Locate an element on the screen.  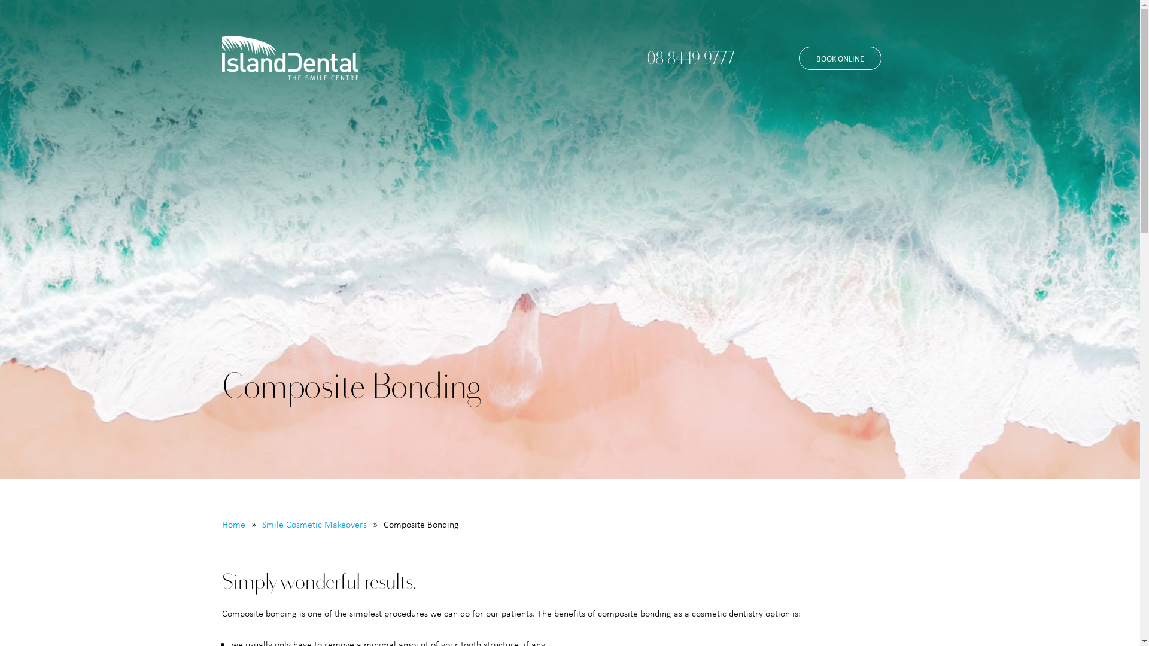
'Smile Cosmetic Makeovers' is located at coordinates (314, 523).